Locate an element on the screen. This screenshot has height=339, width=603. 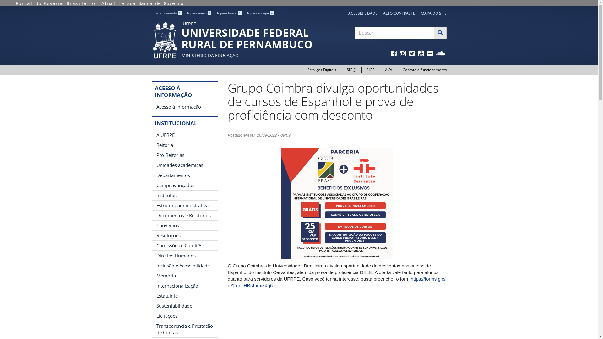
'MAPA DO SITE' is located at coordinates (421, 13).